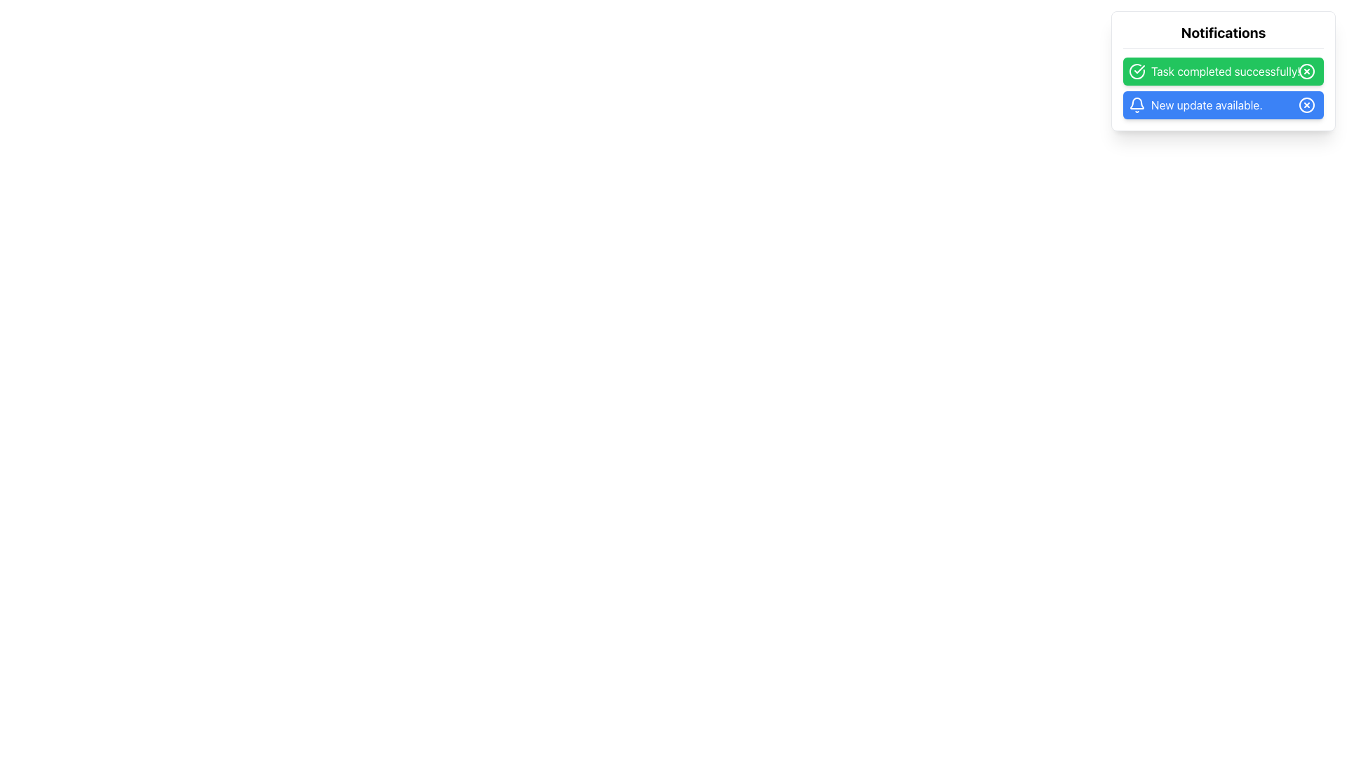 The height and width of the screenshot is (758, 1347). Describe the element at coordinates (1137, 105) in the screenshot. I see `the bell-shaped icon element located to the left of the text 'New update available.'` at that location.